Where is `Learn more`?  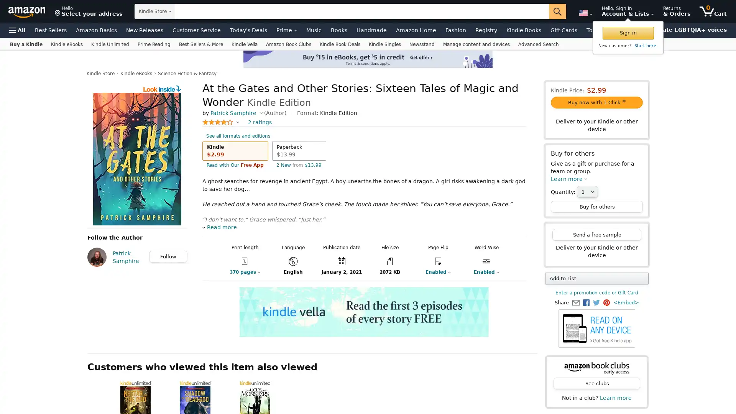
Learn more is located at coordinates (569, 179).